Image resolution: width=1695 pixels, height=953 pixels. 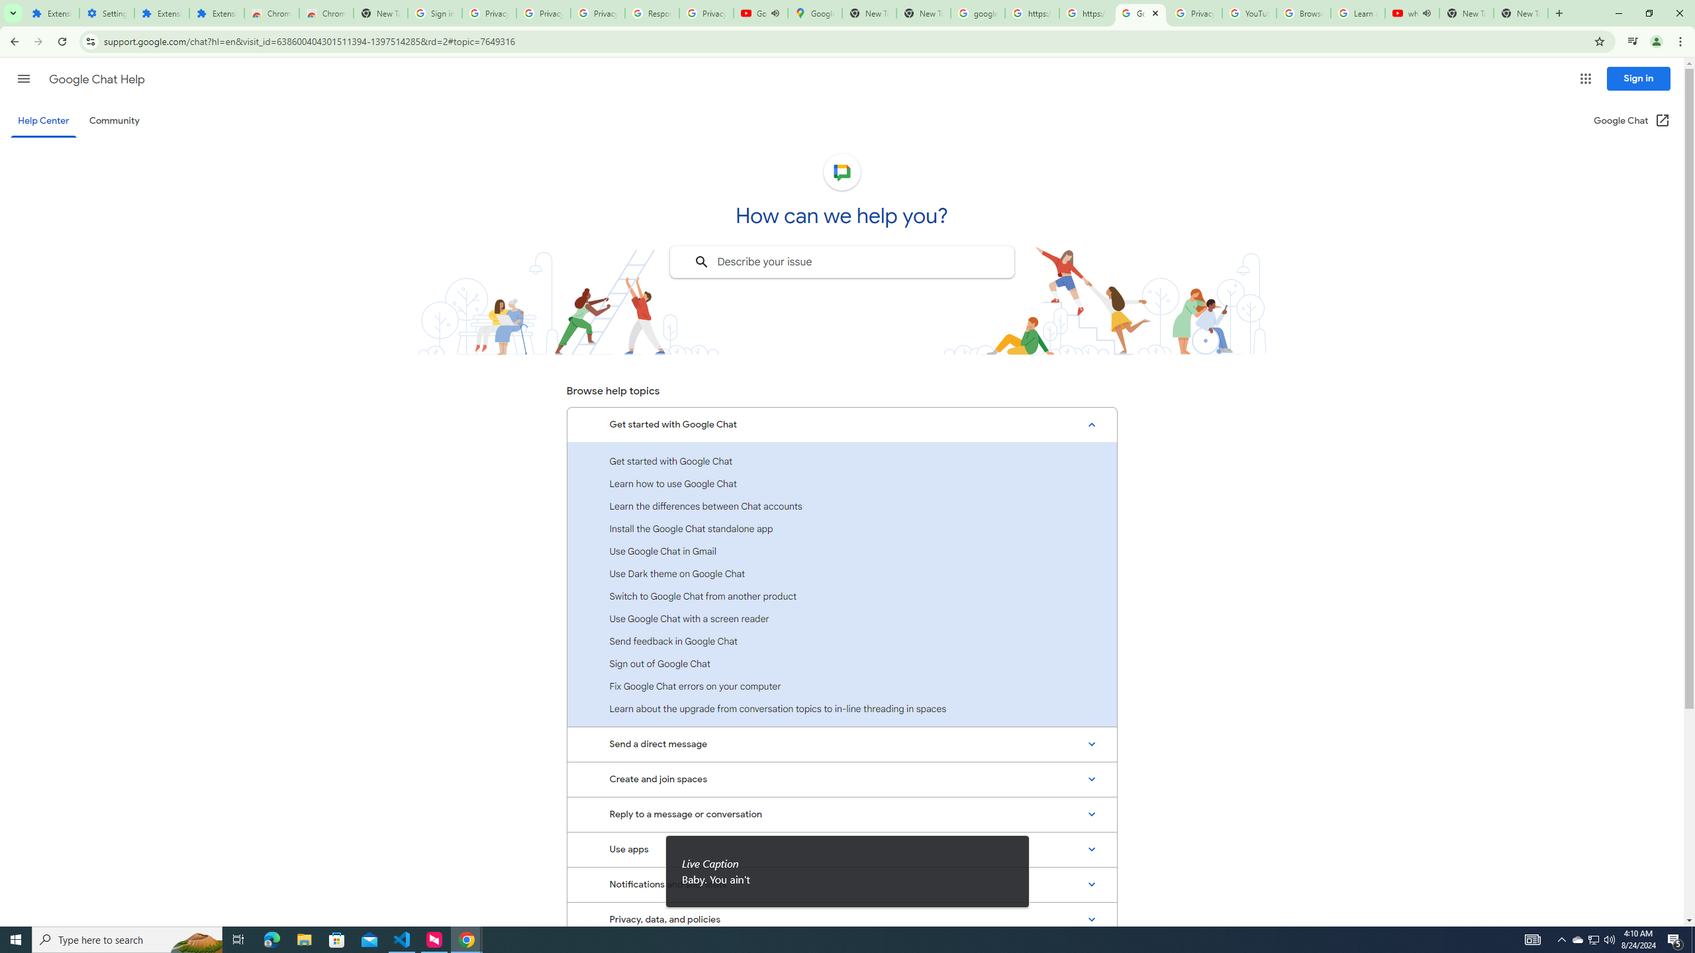 What do you see at coordinates (814, 13) in the screenshot?
I see `'Google Maps'` at bounding box center [814, 13].